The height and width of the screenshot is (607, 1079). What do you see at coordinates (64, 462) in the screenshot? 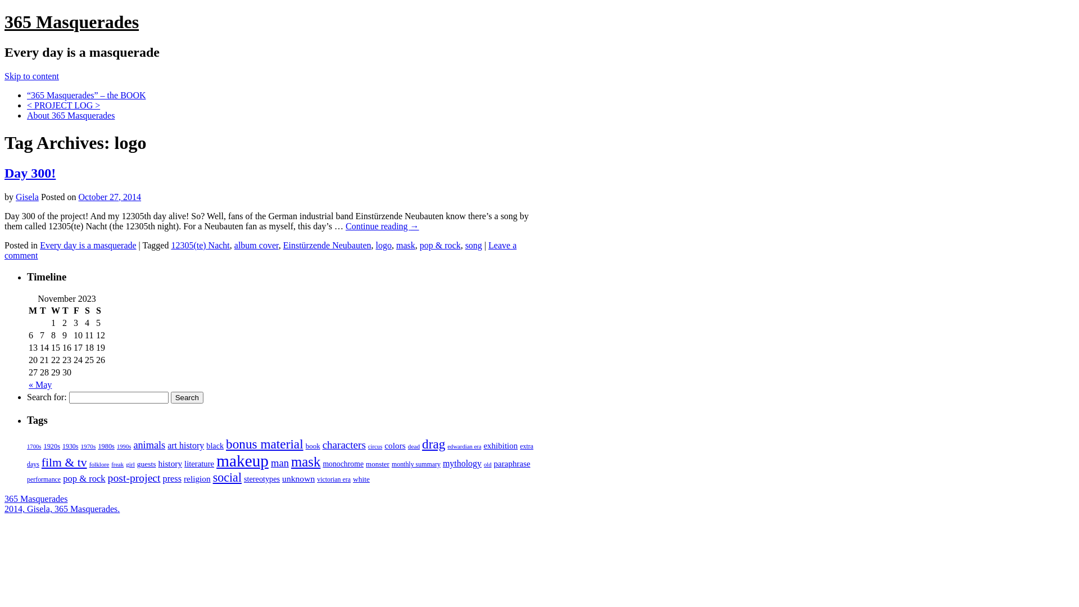
I see `'film & tv'` at bounding box center [64, 462].